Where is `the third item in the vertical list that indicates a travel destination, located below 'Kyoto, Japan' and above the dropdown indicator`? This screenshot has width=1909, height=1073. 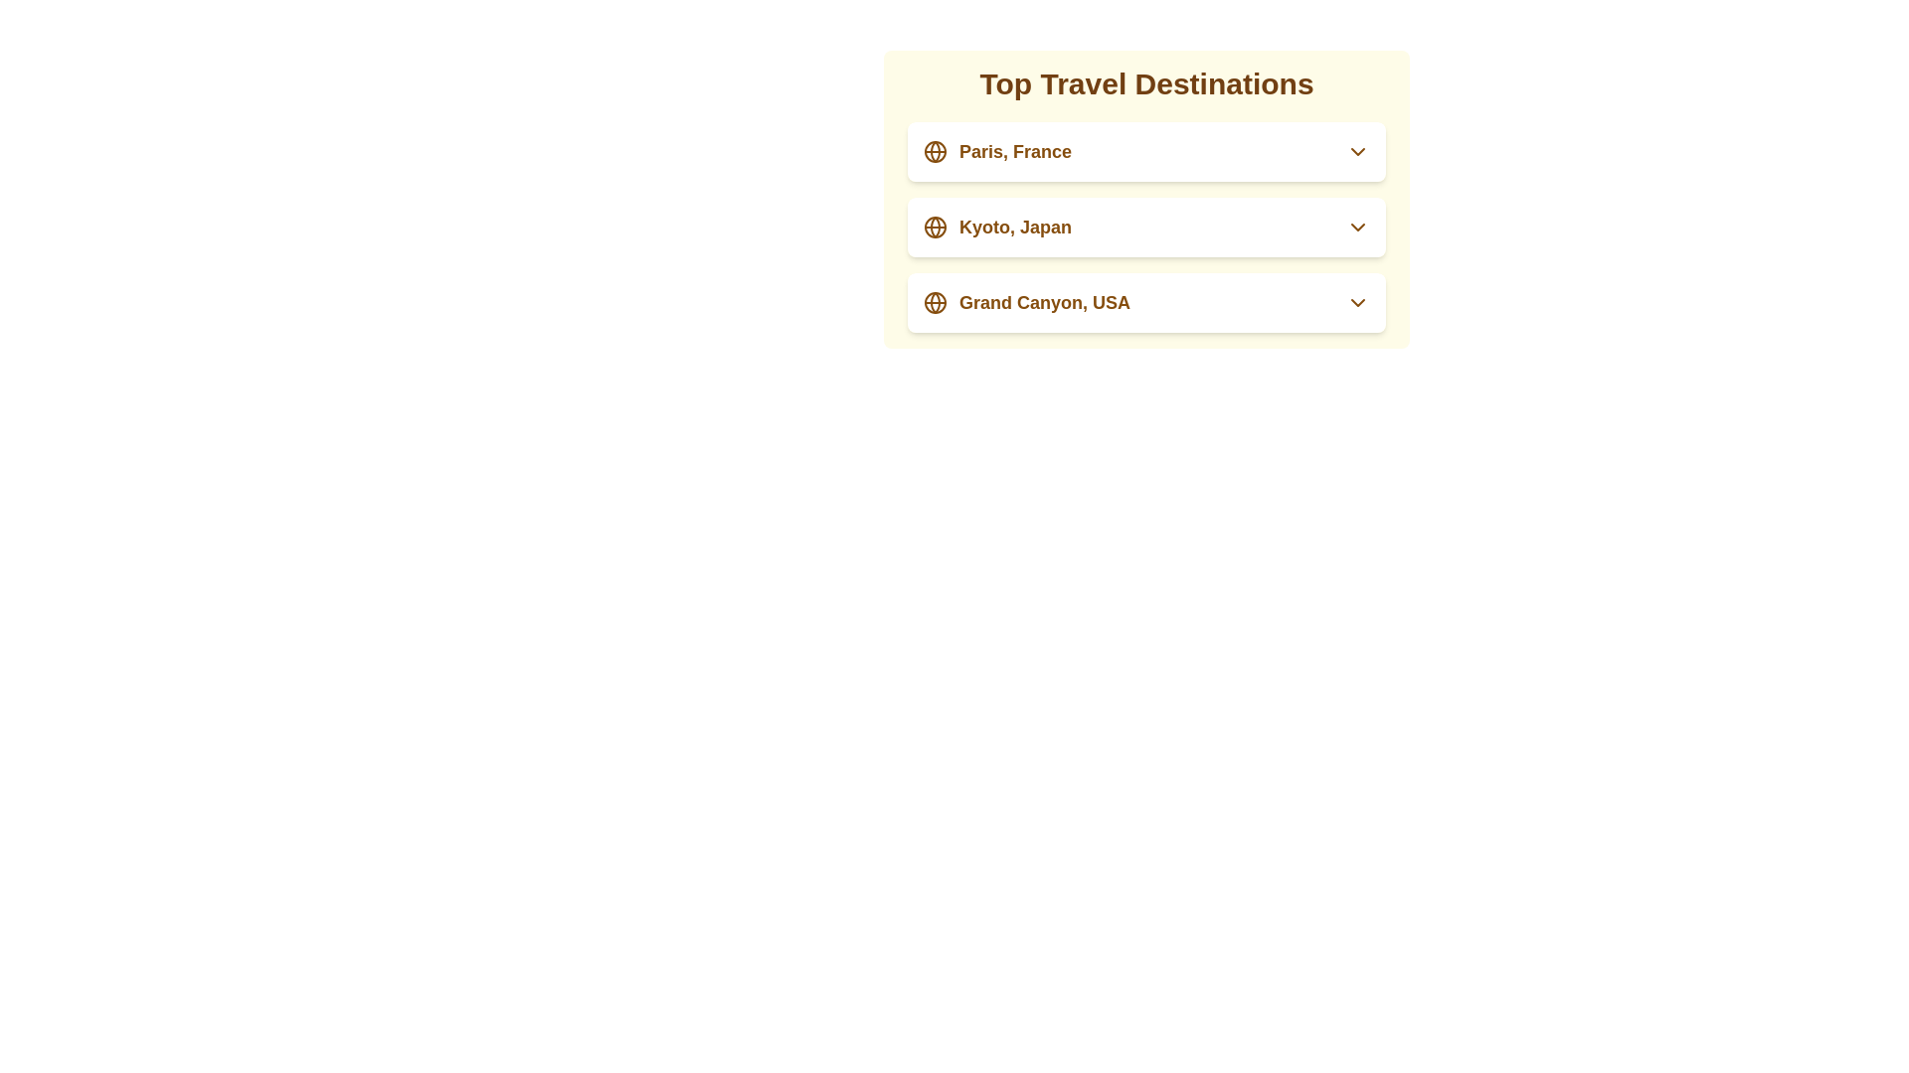 the third item in the vertical list that indicates a travel destination, located below 'Kyoto, Japan' and above the dropdown indicator is located at coordinates (1026, 302).